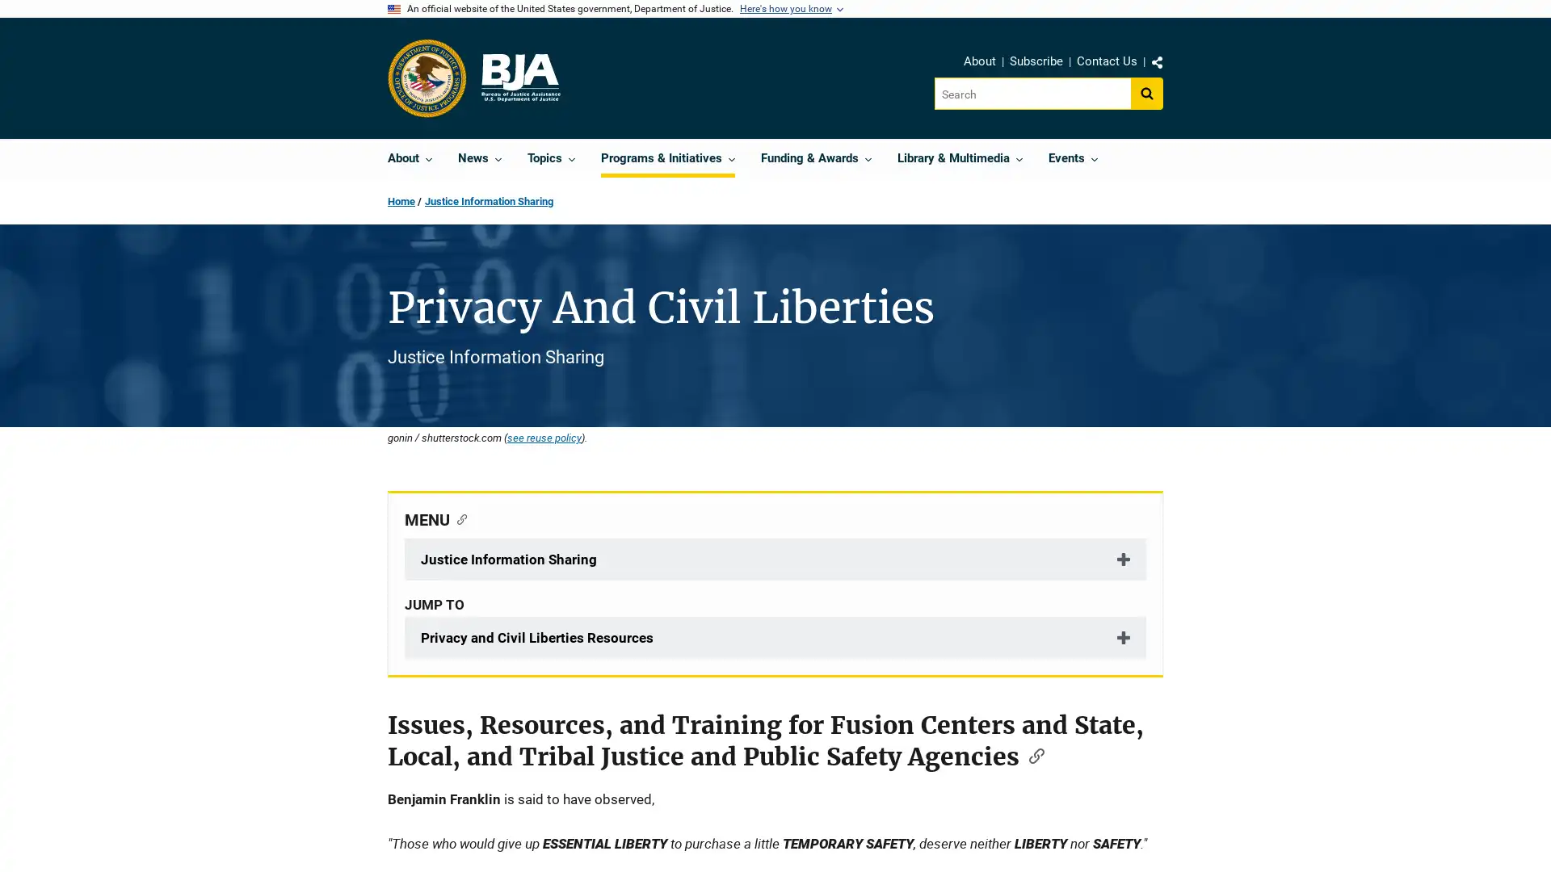 The width and height of the screenshot is (1551, 872). I want to click on Library & Multimedia, so click(960, 158).